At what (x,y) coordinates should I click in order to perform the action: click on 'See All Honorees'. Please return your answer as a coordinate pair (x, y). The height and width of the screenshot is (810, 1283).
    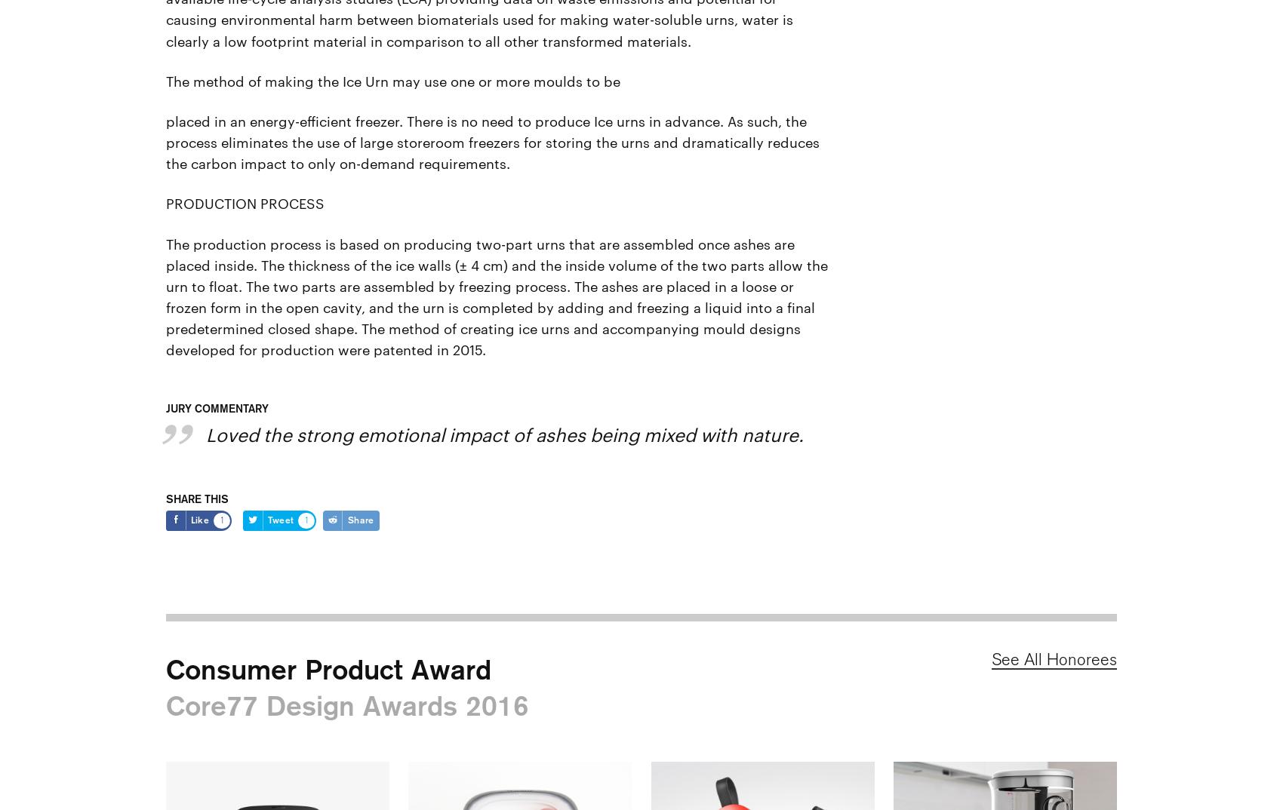
    Looking at the image, I should click on (1054, 658).